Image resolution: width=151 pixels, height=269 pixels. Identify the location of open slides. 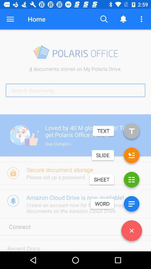
(131, 156).